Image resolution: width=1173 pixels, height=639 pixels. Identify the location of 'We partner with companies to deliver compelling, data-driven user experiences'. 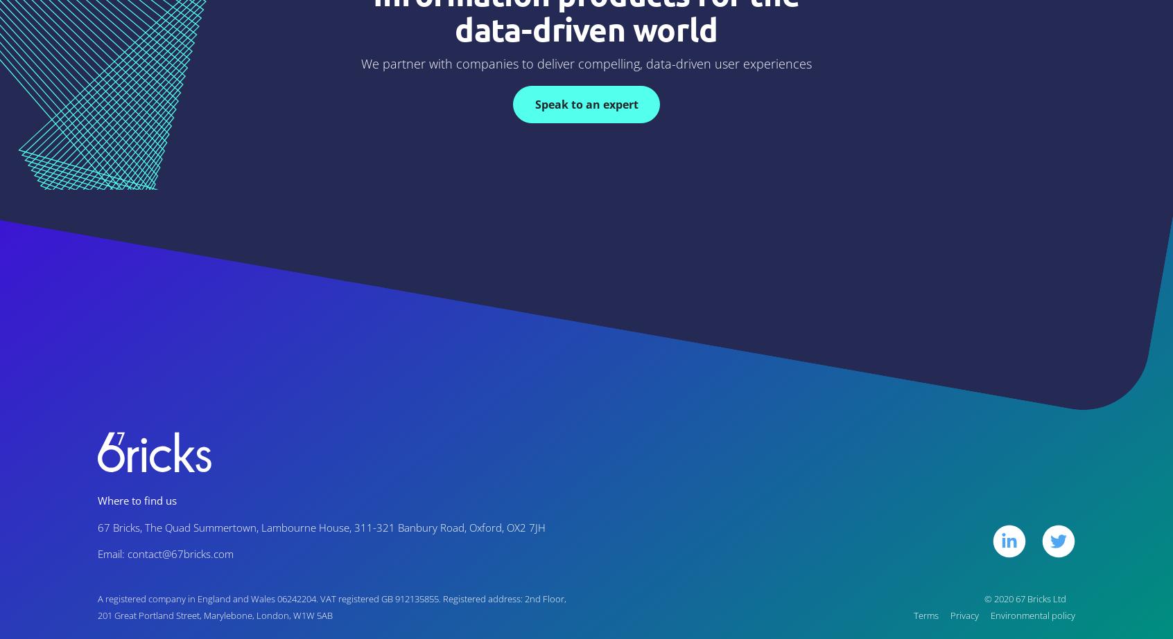
(586, 63).